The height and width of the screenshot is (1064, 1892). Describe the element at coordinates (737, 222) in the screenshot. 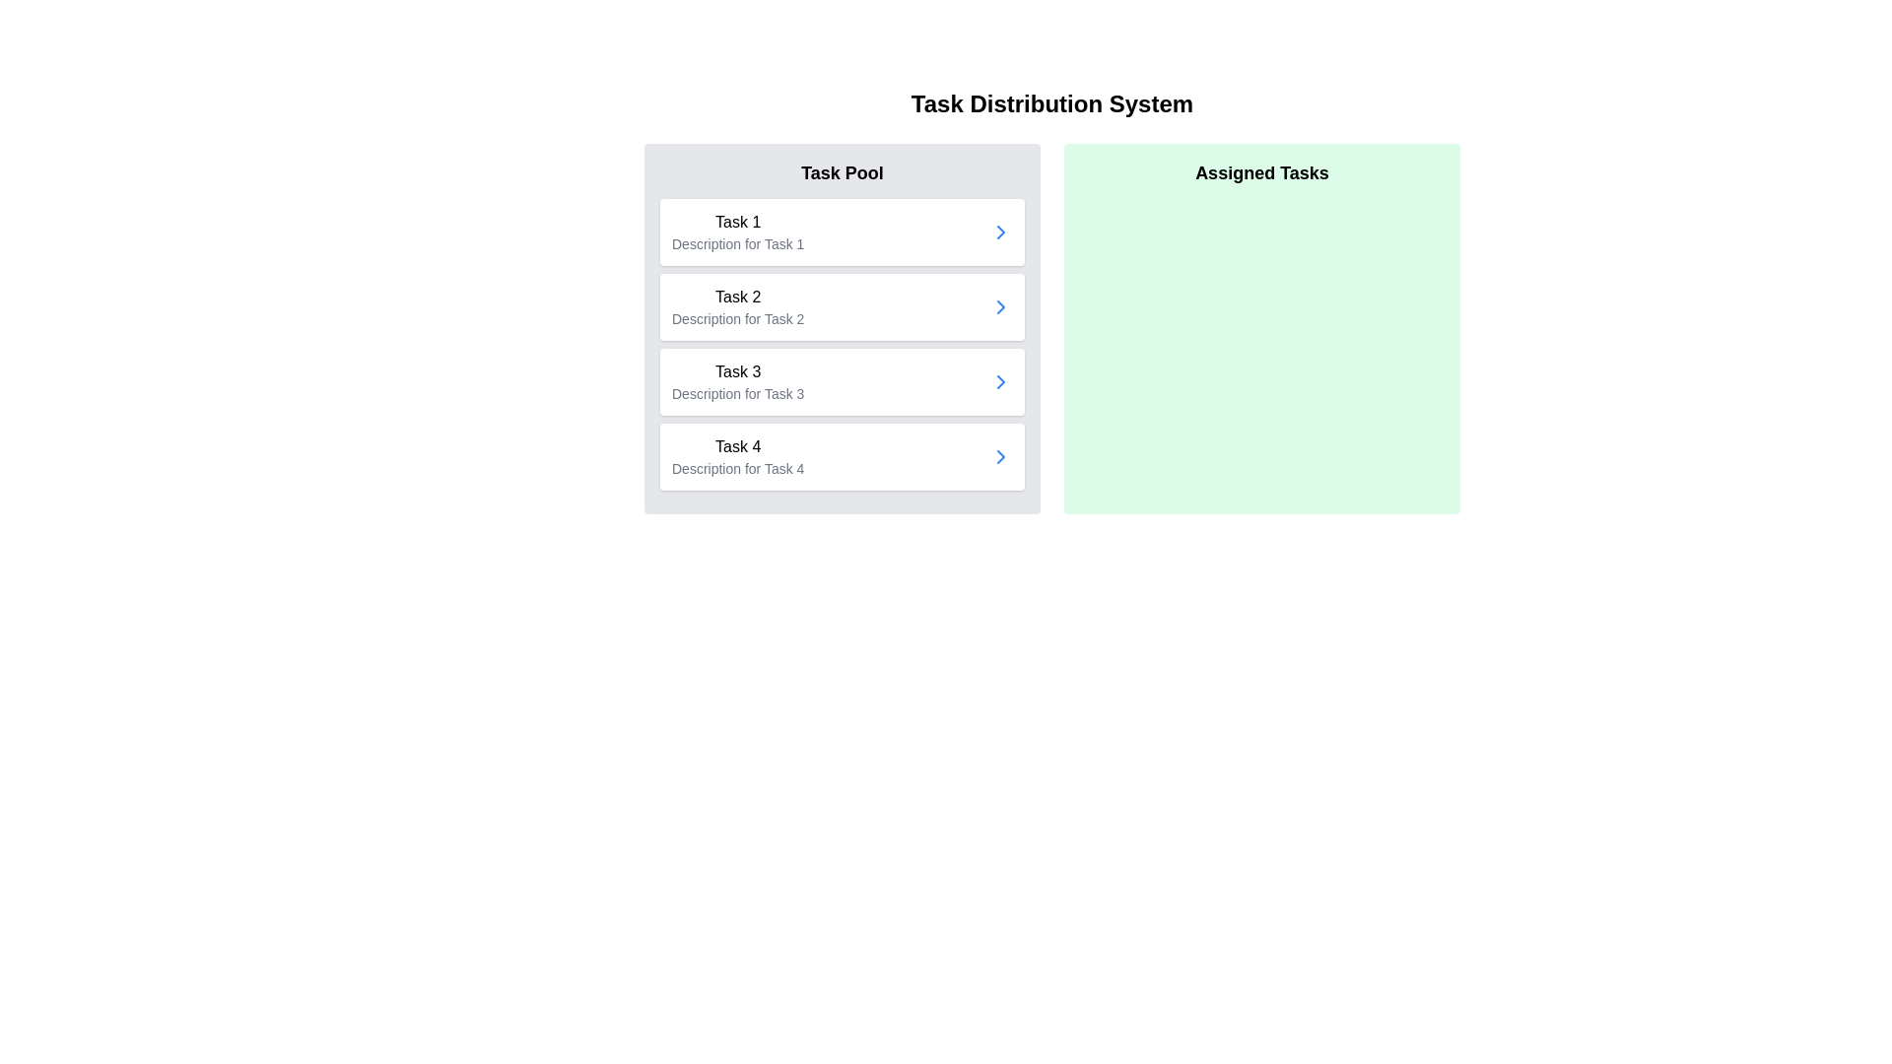

I see `text label that displays the title of the task, located at the top of the 'Task Pool' section, which is the first line of text within a task card` at that location.